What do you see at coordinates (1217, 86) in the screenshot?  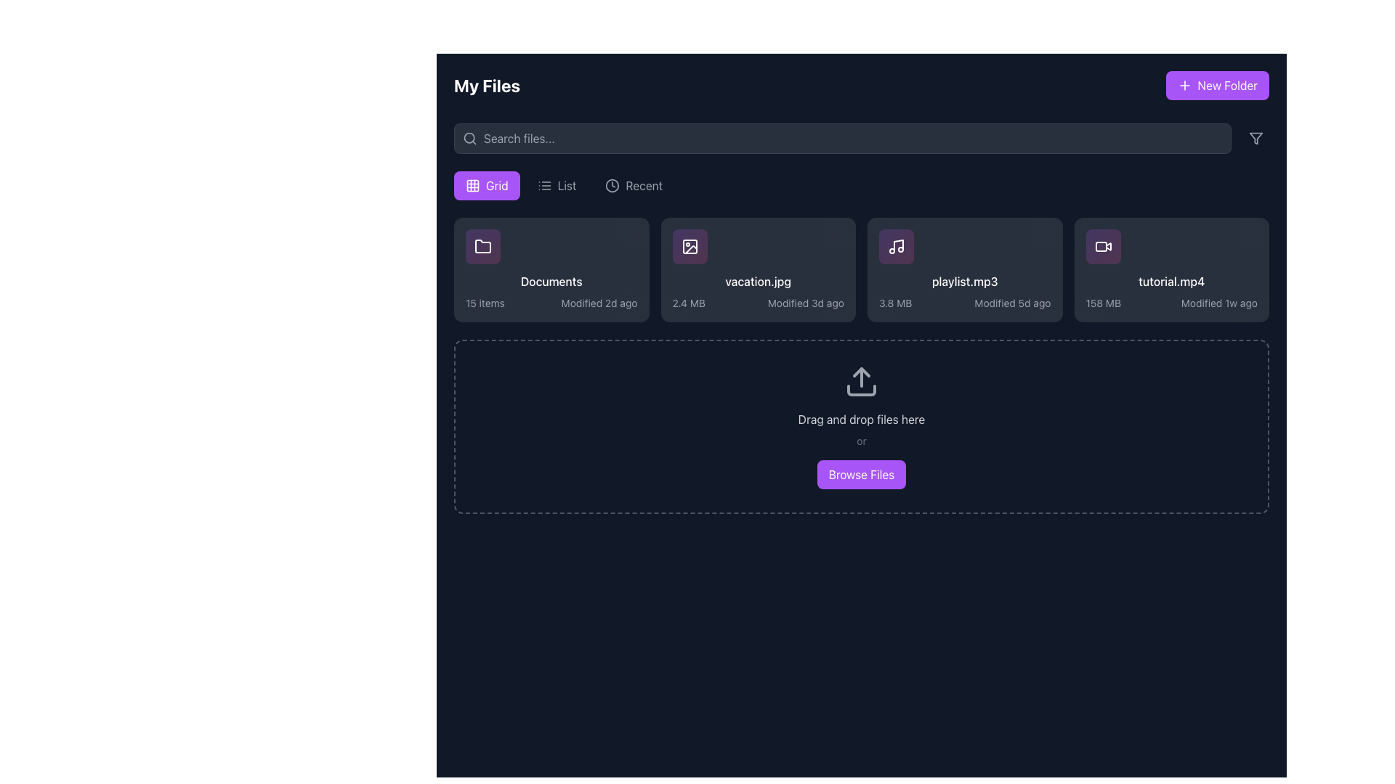 I see `the new folder button located in the top-right corner of the application interface, adjacent to the 'My Files' label` at bounding box center [1217, 86].